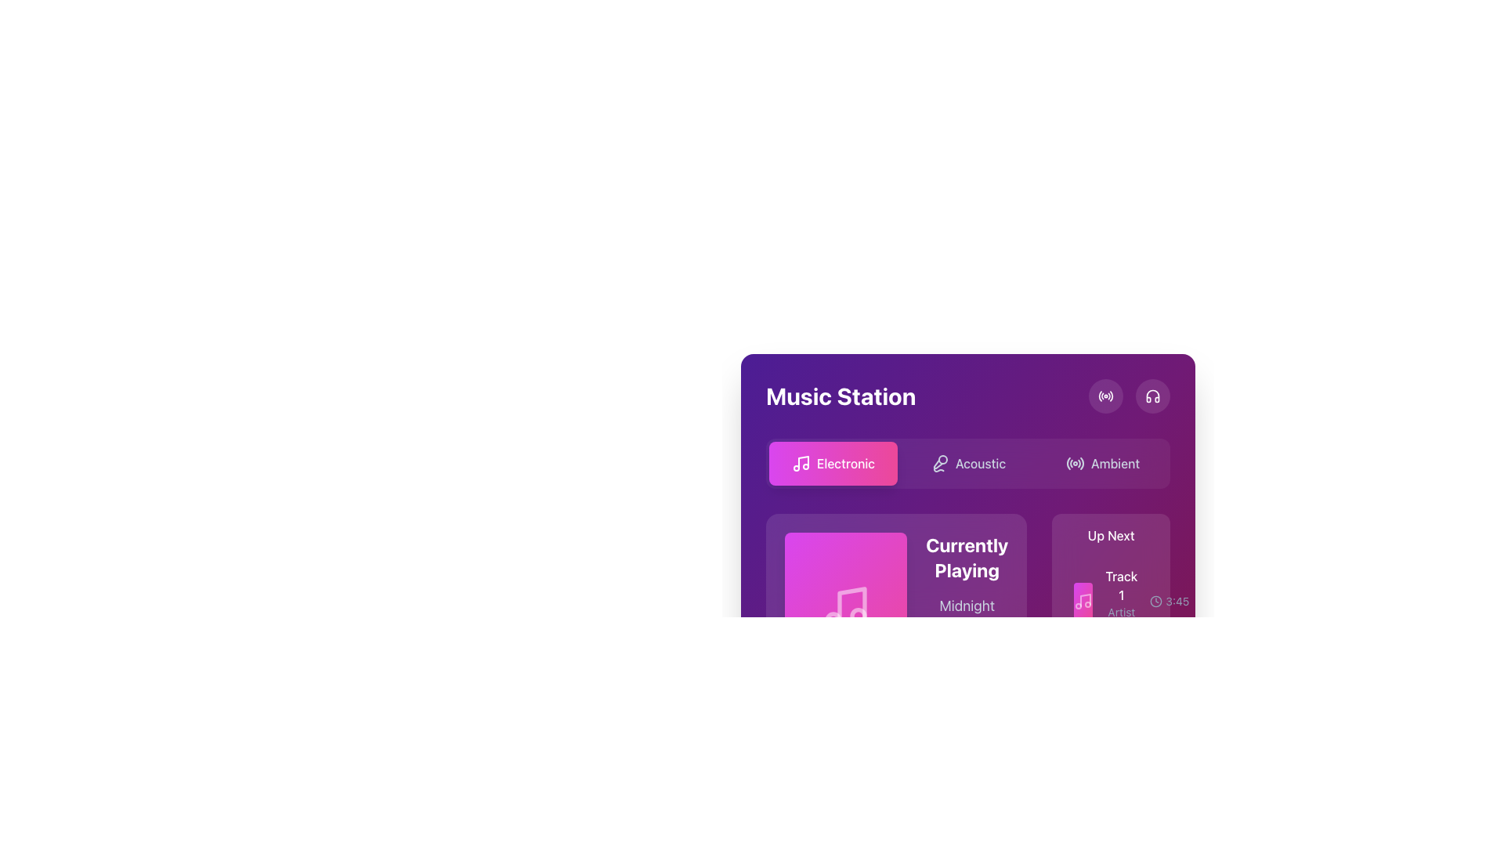 This screenshot has height=846, width=1504. Describe the element at coordinates (801, 462) in the screenshot. I see `the musical note icon with a vibrant pink background, located to the left of the 'Electronic' text in the category selectors` at that location.